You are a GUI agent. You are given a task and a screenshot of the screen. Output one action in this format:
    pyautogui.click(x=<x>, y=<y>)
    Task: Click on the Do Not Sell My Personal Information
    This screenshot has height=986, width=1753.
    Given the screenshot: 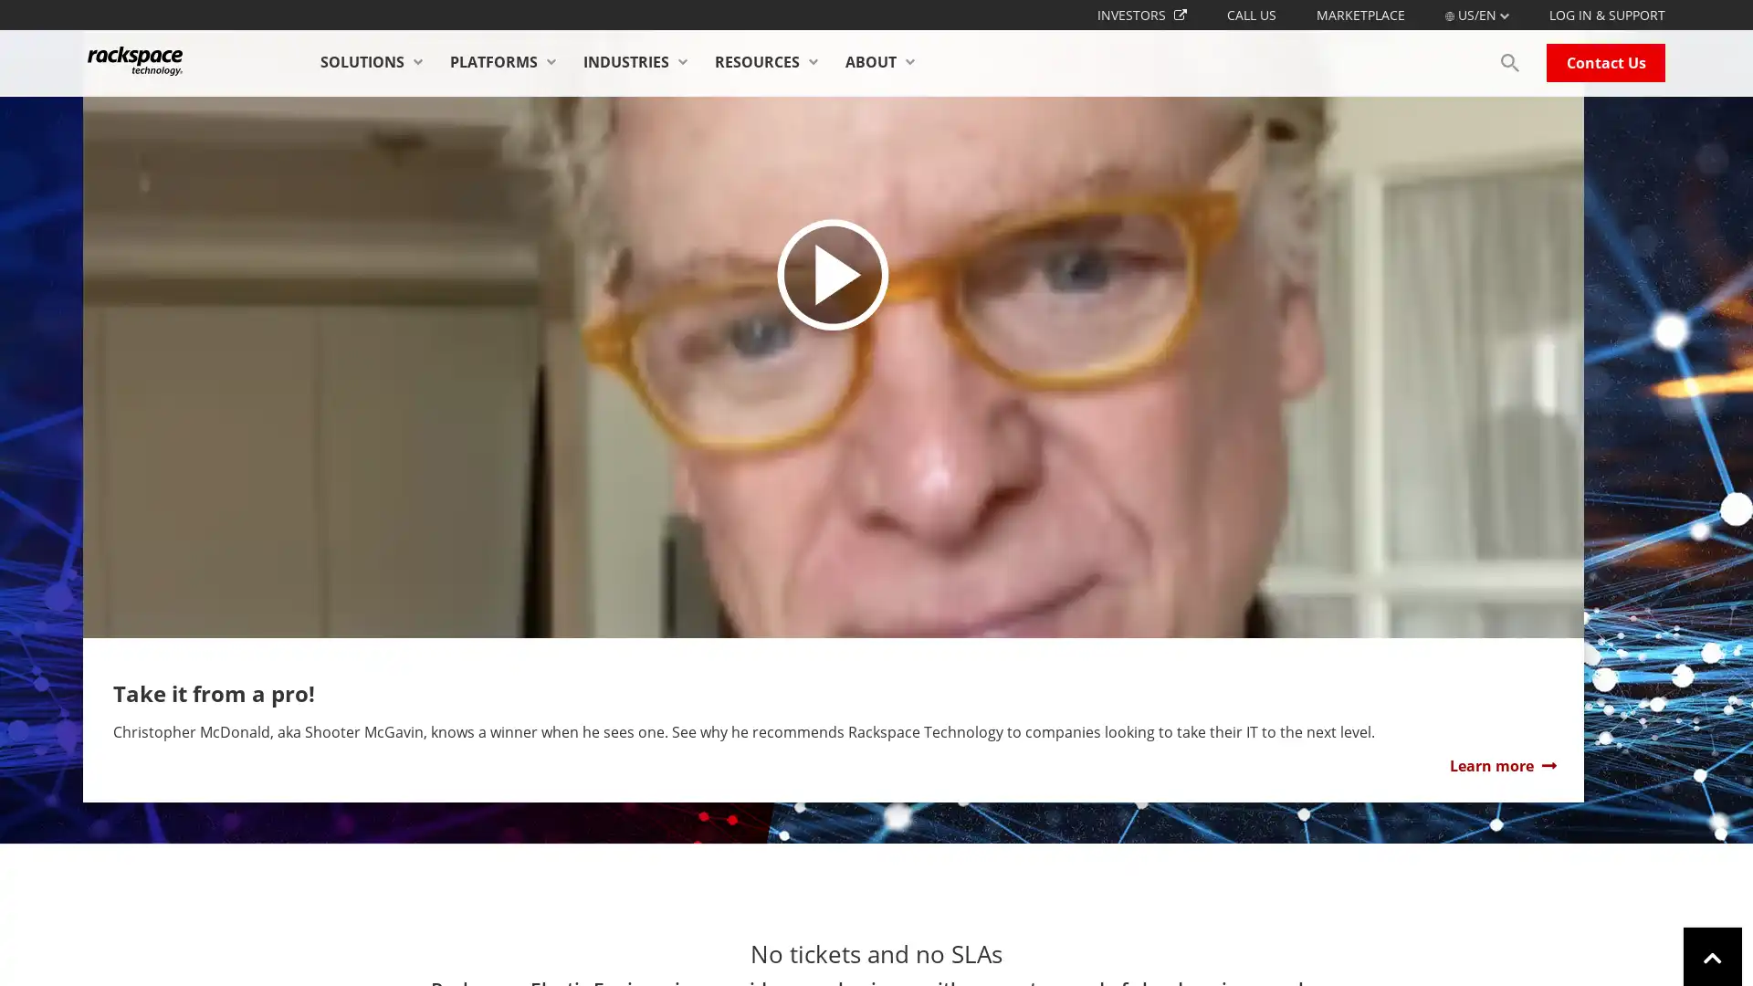 What is the action you would take?
    pyautogui.click(x=1277, y=946)
    